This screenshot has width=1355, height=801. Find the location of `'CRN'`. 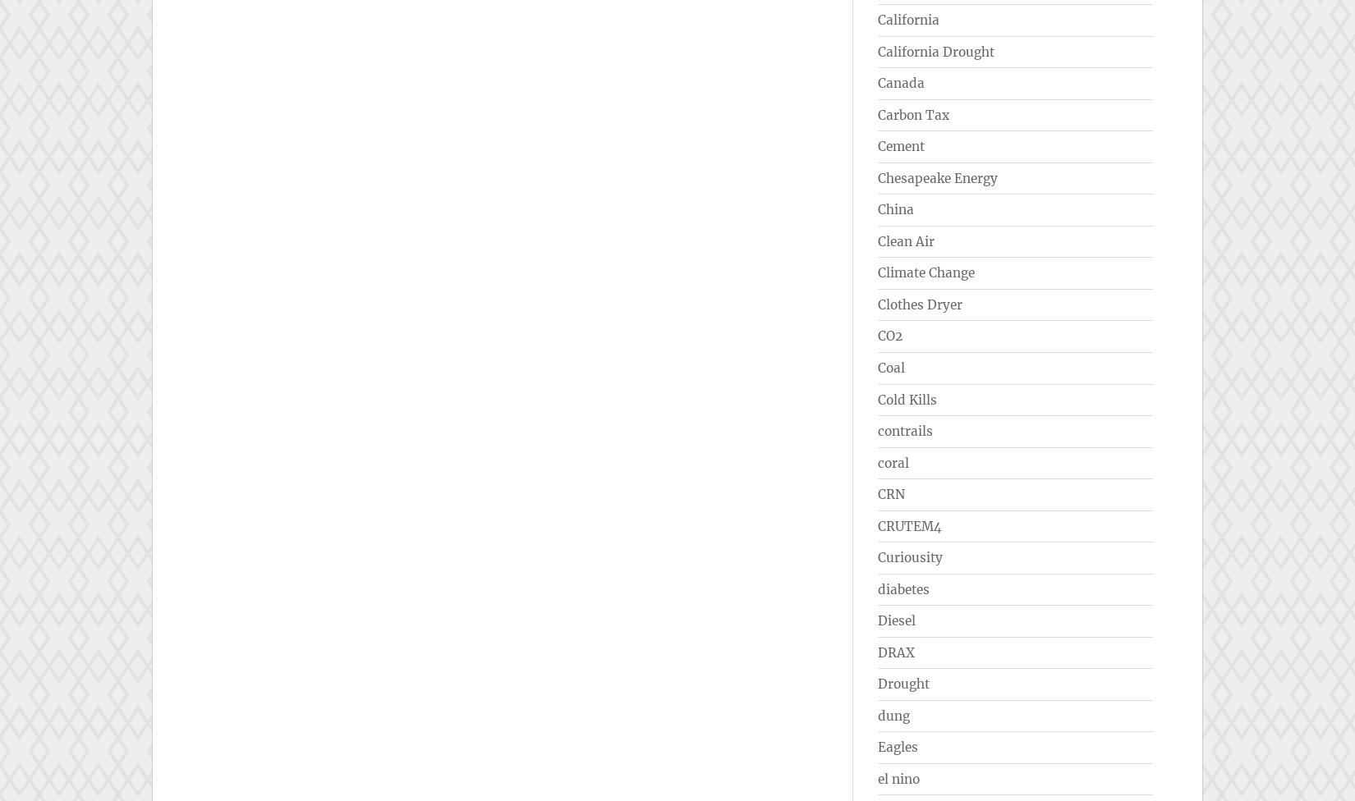

'CRN' is located at coordinates (878, 494).